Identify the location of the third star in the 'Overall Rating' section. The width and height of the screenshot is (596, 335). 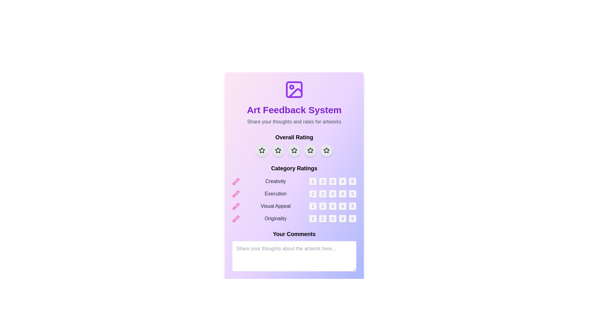
(293, 150).